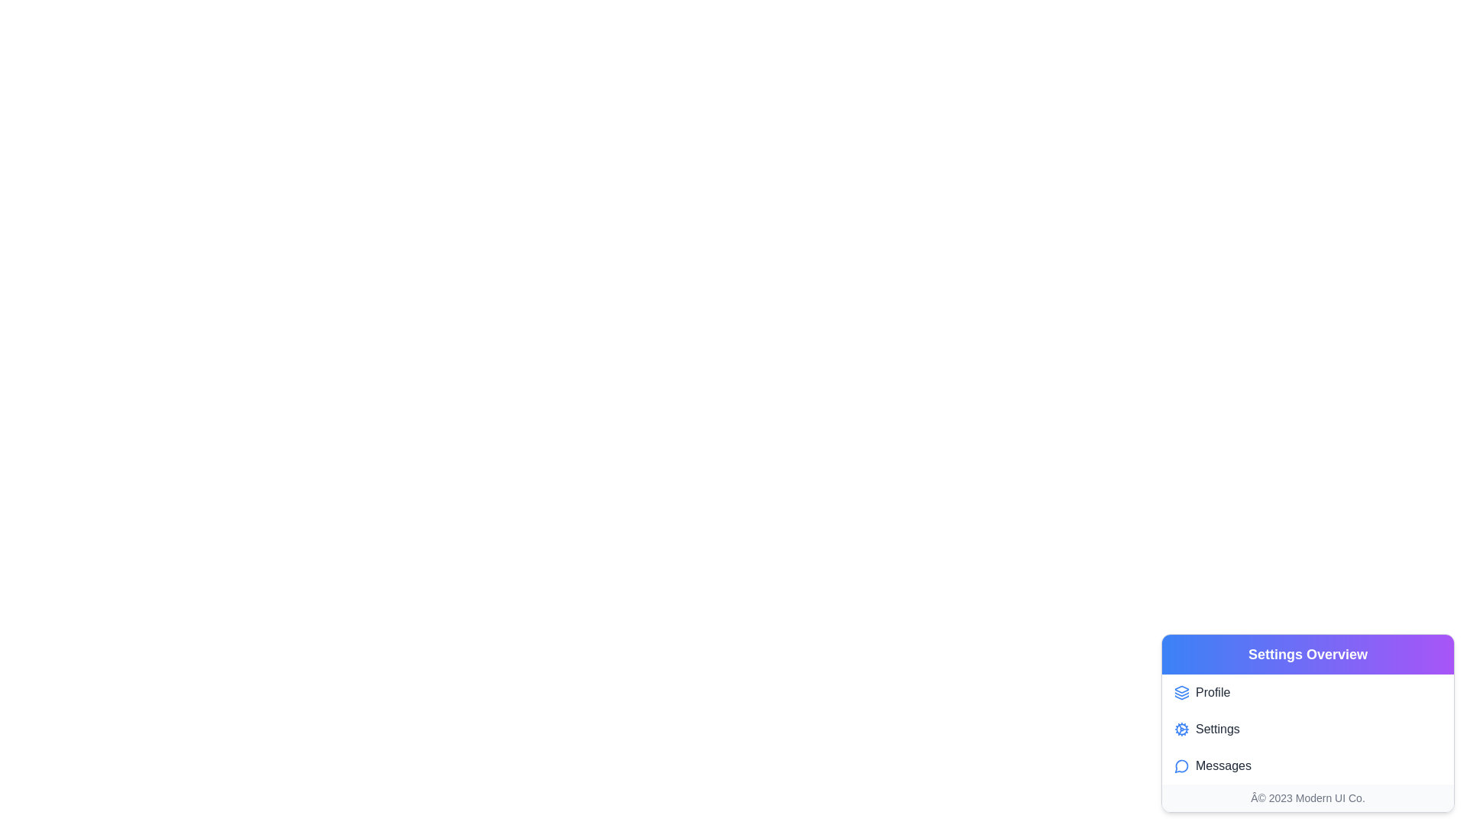 The width and height of the screenshot is (1467, 825). Describe the element at coordinates (1307, 765) in the screenshot. I see `the third menu item under 'Settings Overview'` at that location.